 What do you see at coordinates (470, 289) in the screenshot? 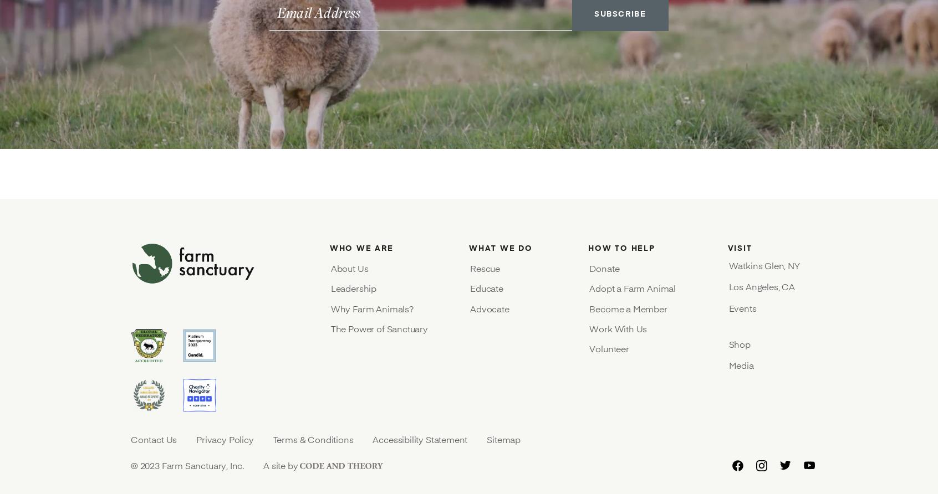
I see `'Educate'` at bounding box center [470, 289].